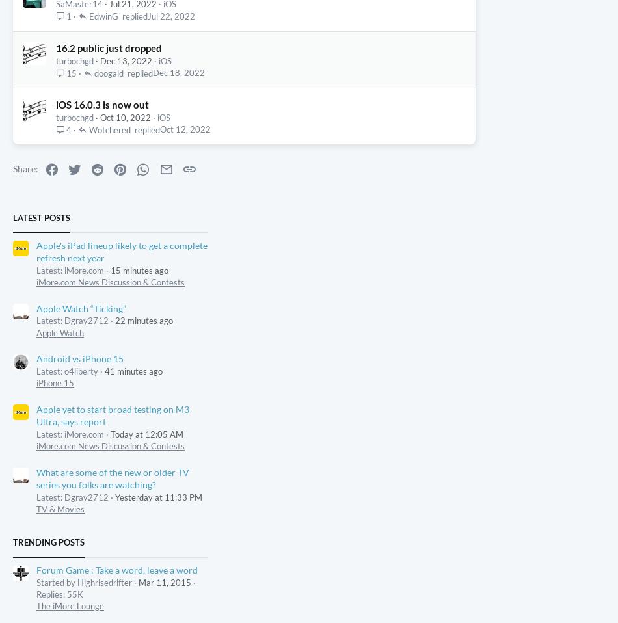 Image resolution: width=618 pixels, height=623 pixels. I want to click on 'Dec 13, 2022', so click(126, 149).